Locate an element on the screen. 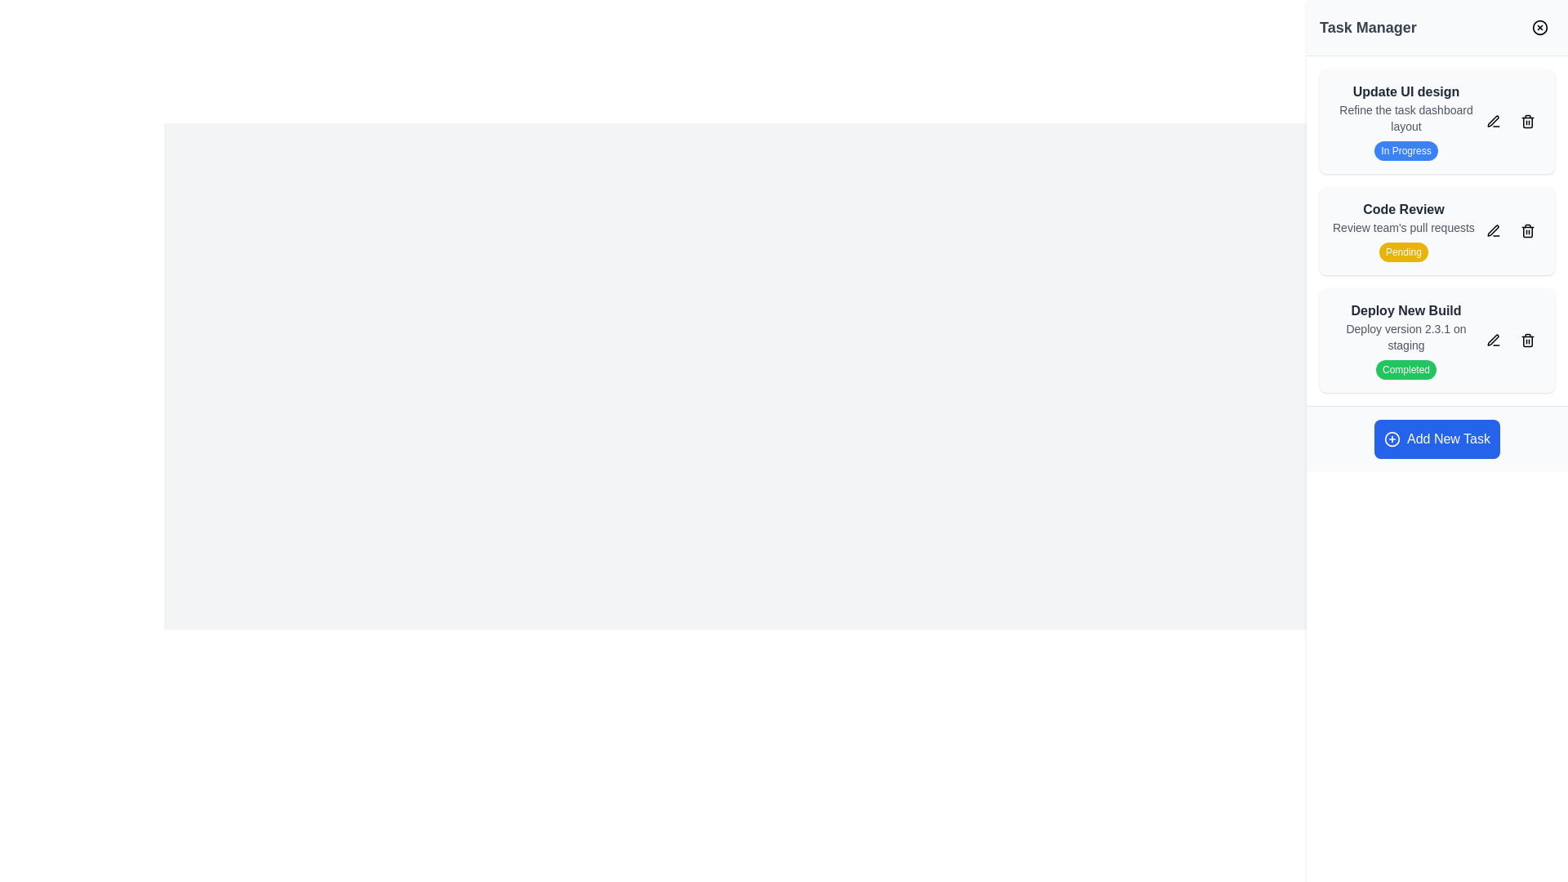 This screenshot has width=1568, height=882. the edit icon button in the 'Deploy New Build' task card on the right-side panel is located at coordinates (1493, 339).